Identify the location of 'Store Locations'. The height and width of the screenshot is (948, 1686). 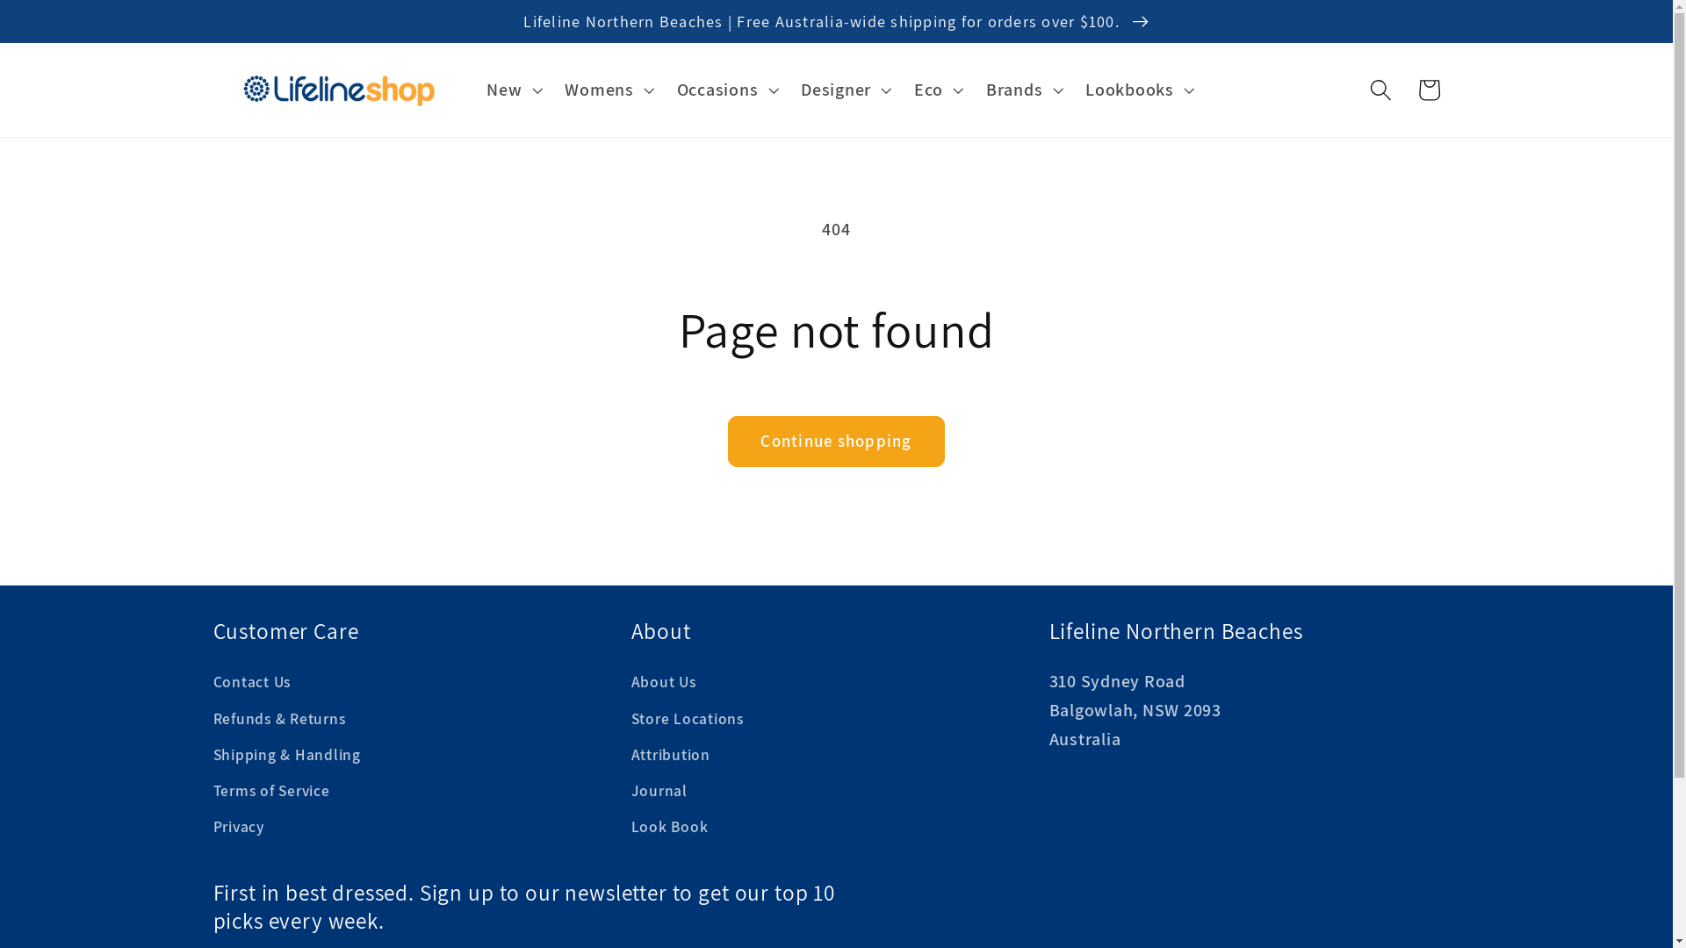
(686, 718).